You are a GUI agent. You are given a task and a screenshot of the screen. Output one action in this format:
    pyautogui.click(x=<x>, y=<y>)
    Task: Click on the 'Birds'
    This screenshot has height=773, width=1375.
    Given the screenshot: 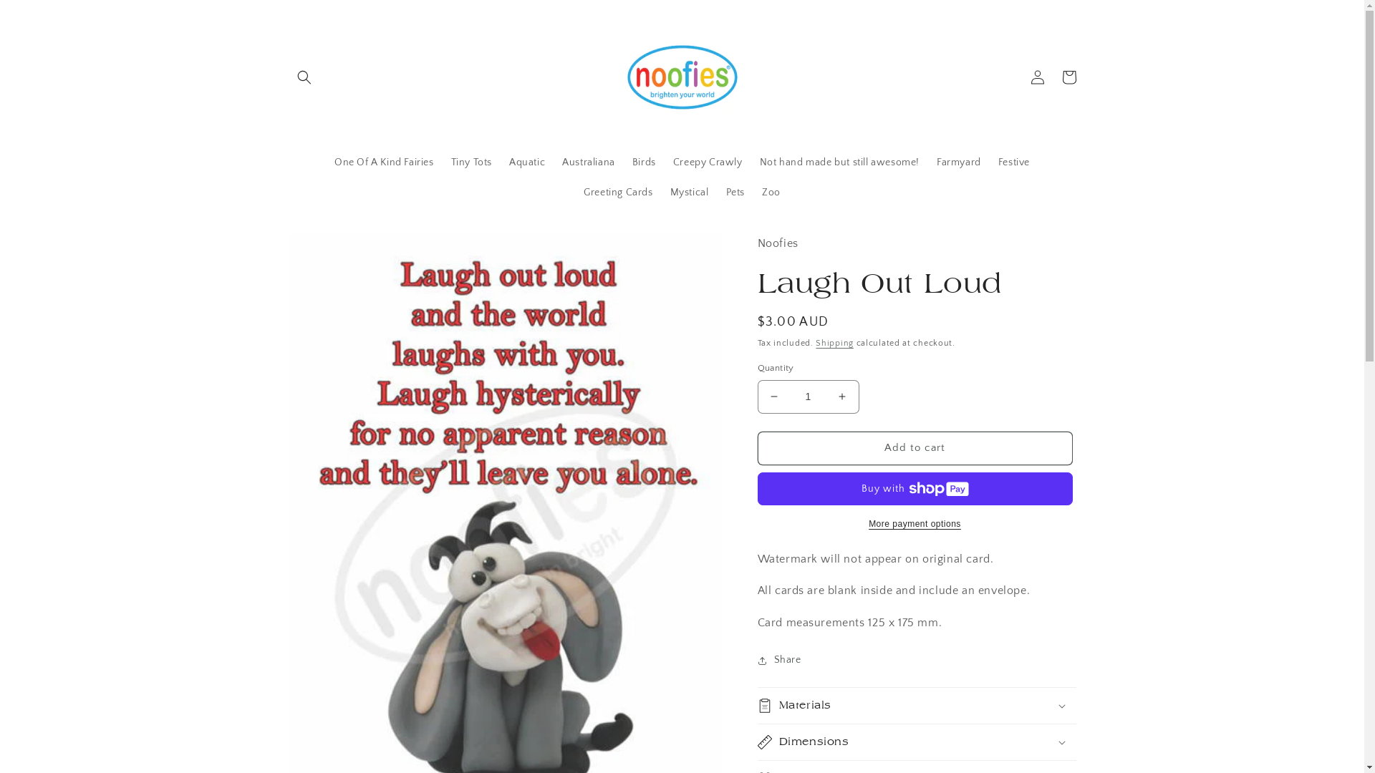 What is the action you would take?
    pyautogui.click(x=643, y=162)
    